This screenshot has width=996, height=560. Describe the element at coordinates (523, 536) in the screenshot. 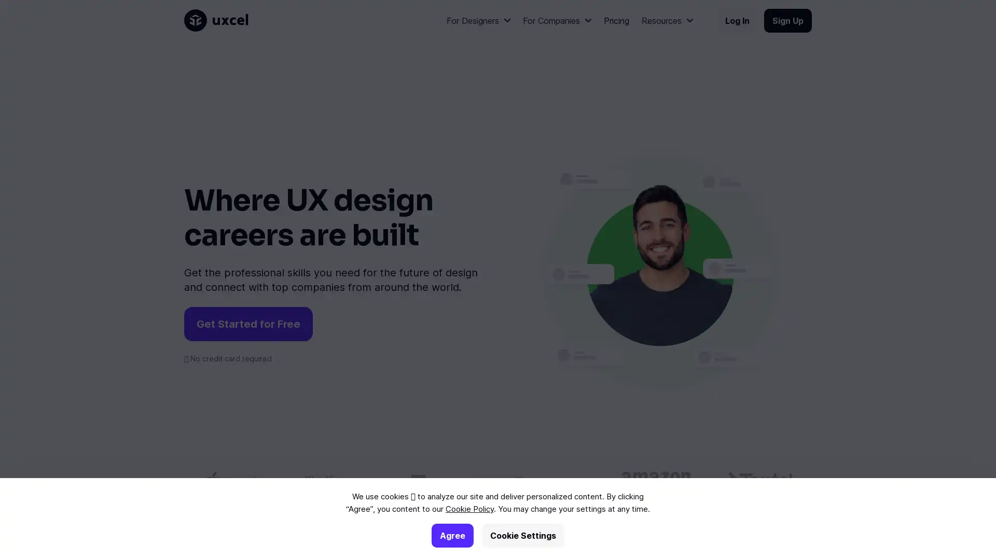

I see `Cookie Settings` at that location.